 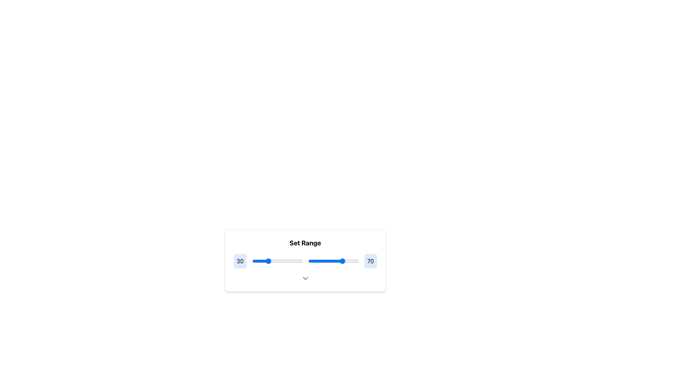 What do you see at coordinates (341, 261) in the screenshot?
I see `the slider value` at bounding box center [341, 261].